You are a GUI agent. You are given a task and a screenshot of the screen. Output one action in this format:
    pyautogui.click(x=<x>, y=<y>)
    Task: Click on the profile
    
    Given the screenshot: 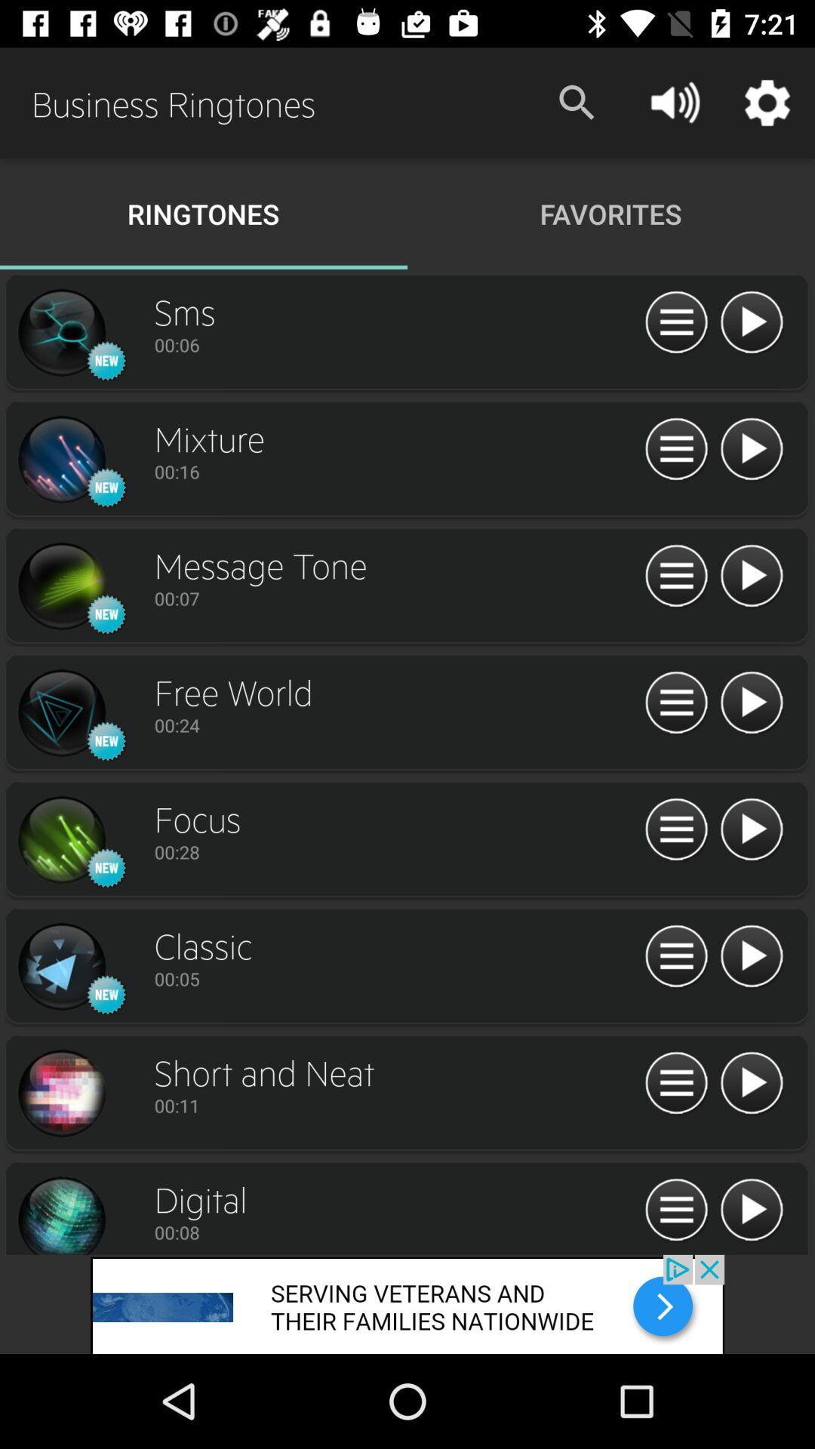 What is the action you would take?
    pyautogui.click(x=60, y=332)
    